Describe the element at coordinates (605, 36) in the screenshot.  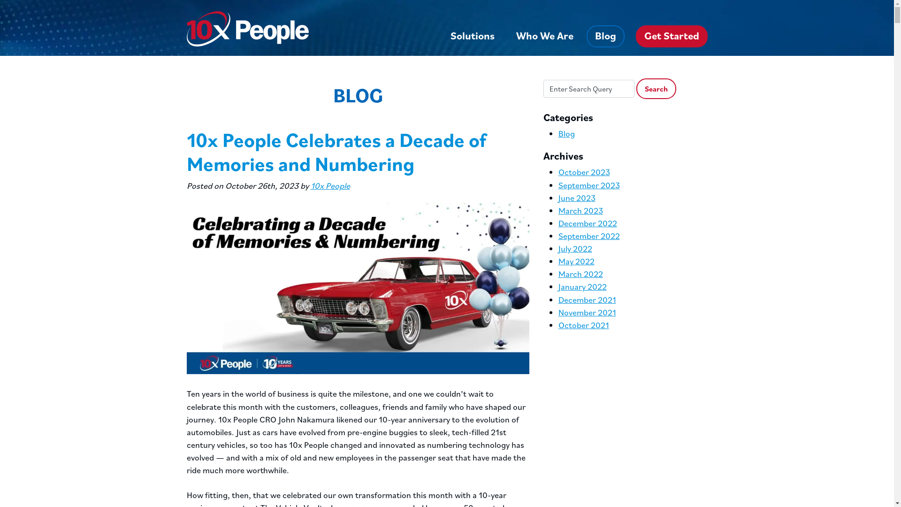
I see `'Blog'` at that location.